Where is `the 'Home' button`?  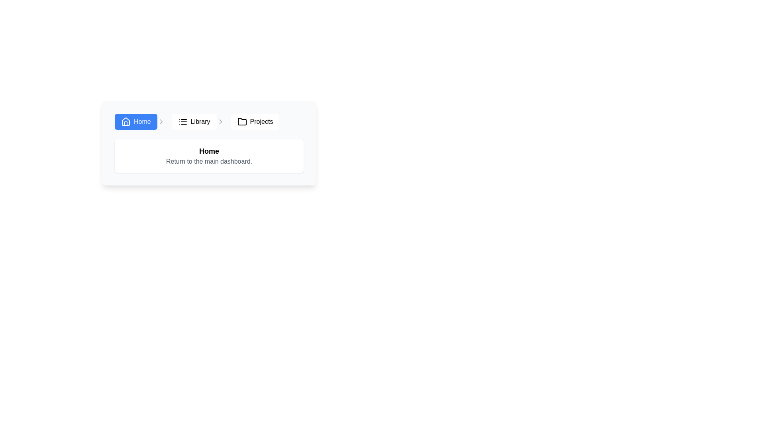 the 'Home' button is located at coordinates (126, 121).